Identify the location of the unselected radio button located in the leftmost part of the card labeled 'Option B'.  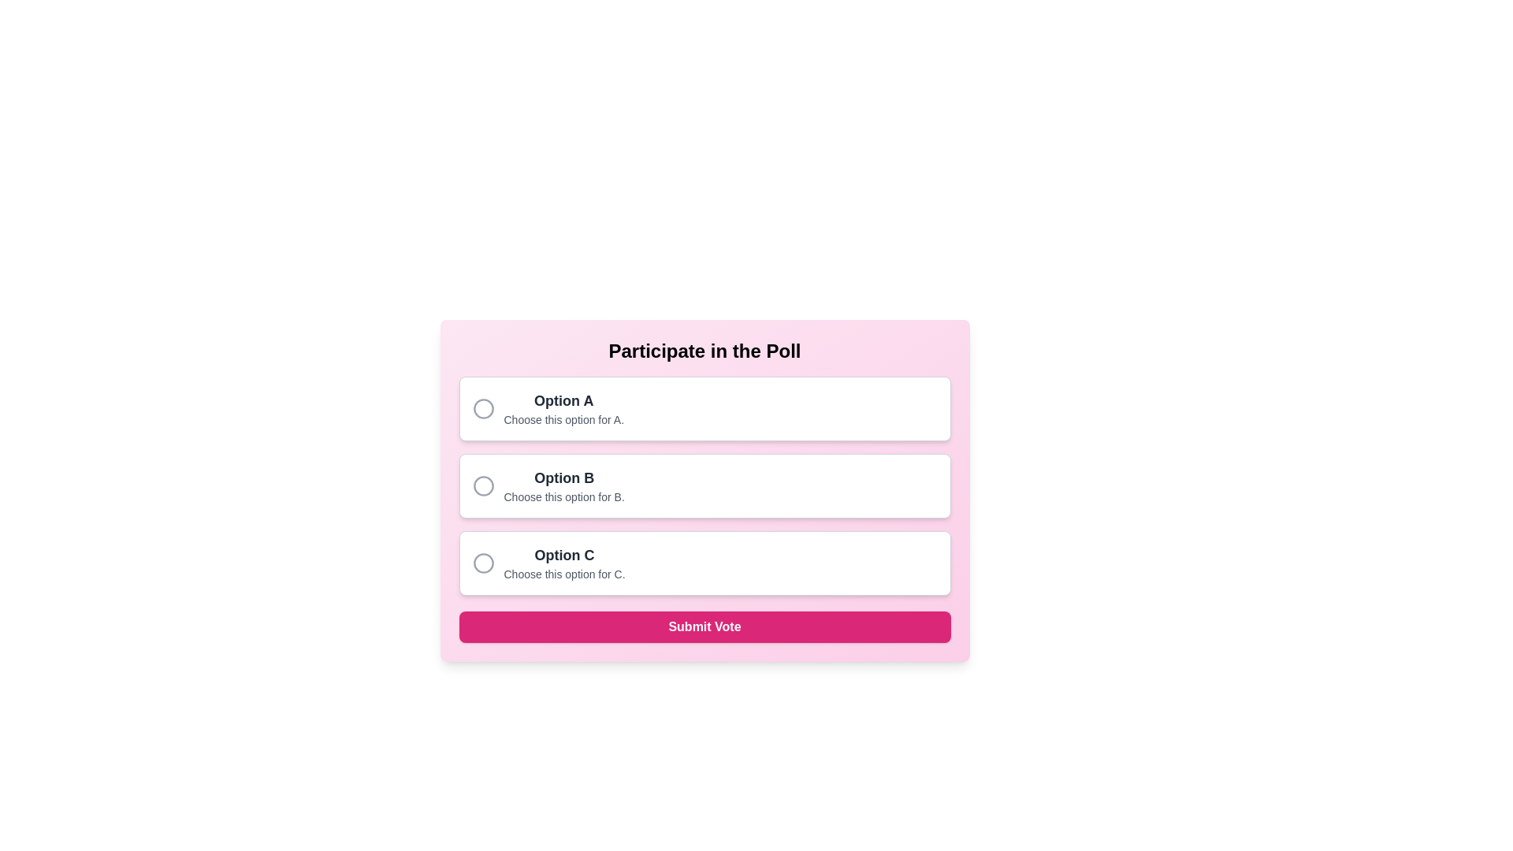
(482, 485).